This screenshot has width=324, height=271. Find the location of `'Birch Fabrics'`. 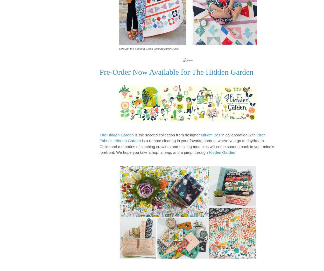

'Birch Fabrics' is located at coordinates (182, 137).